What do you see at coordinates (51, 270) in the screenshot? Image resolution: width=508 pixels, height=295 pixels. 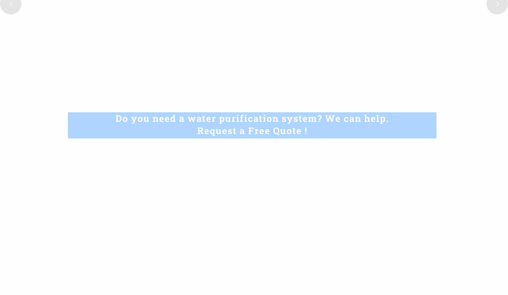 I see `'Monday - Friday 8:00 a.m. - 4:00 p.m.'` at bounding box center [51, 270].